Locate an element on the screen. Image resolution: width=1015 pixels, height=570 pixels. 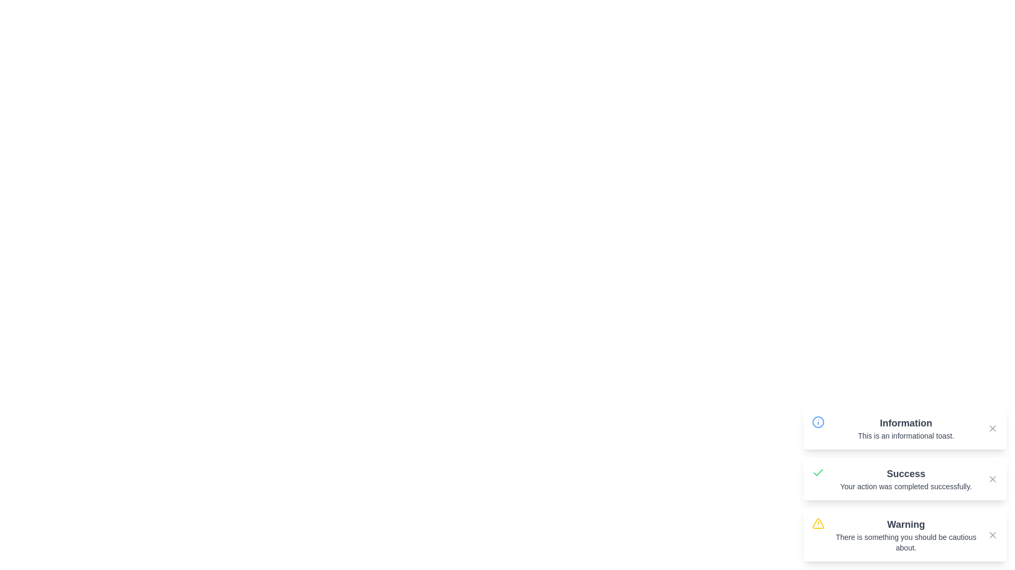
the text element reading 'This is an informational toast.' which is located below the bold title 'Information' within a notification box is located at coordinates (905, 435).